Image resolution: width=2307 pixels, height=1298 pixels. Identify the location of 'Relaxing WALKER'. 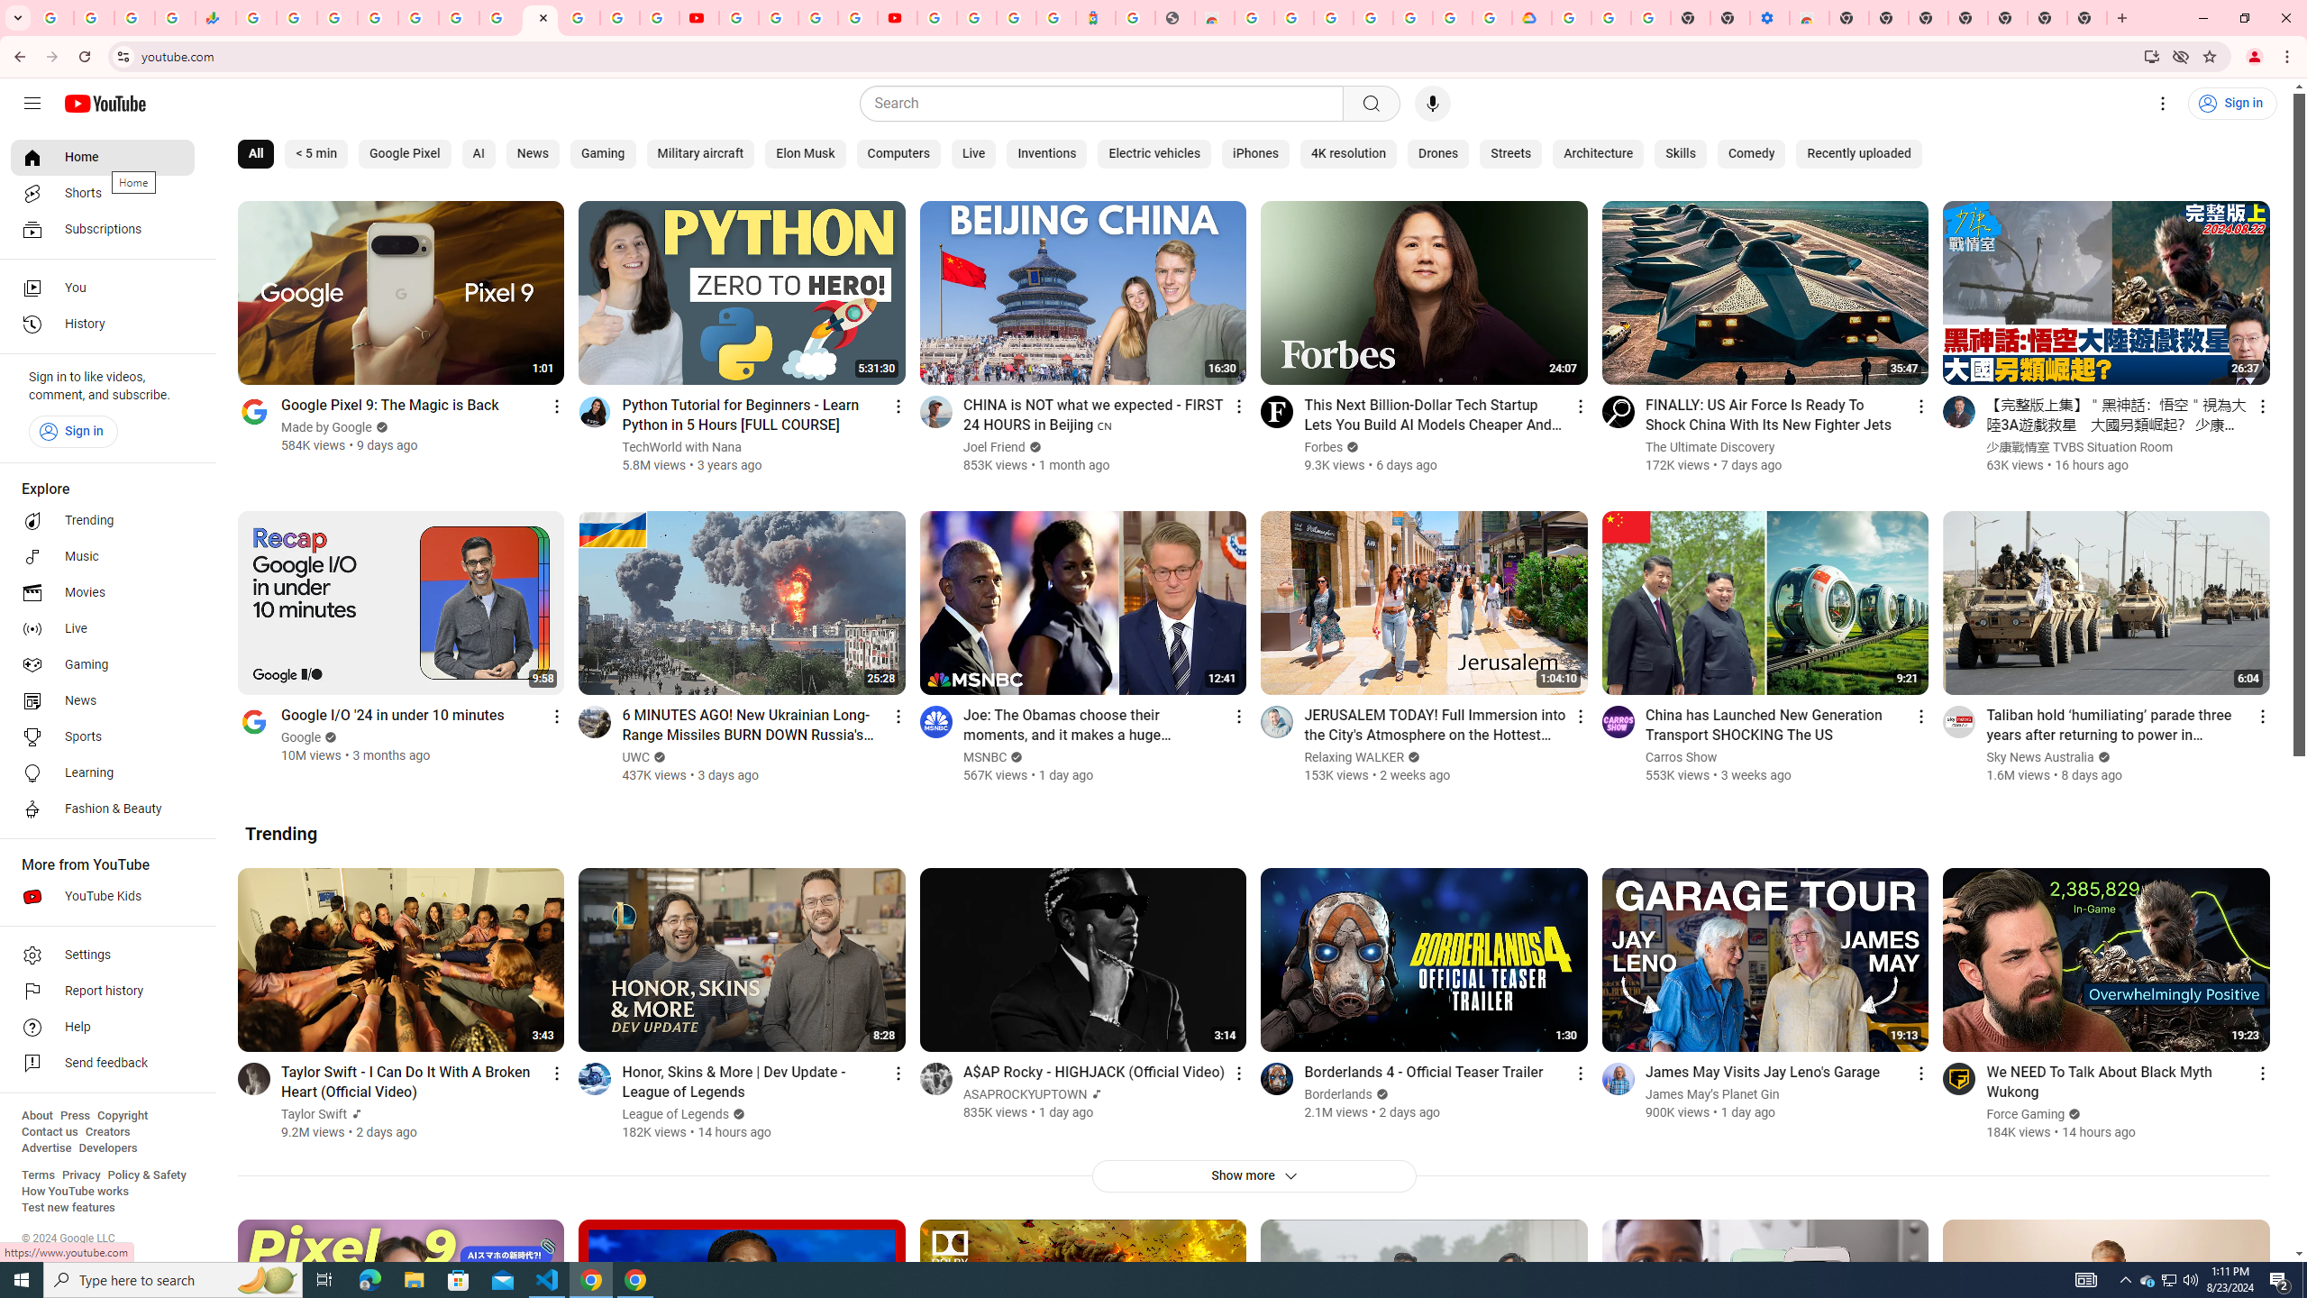
(1353, 756).